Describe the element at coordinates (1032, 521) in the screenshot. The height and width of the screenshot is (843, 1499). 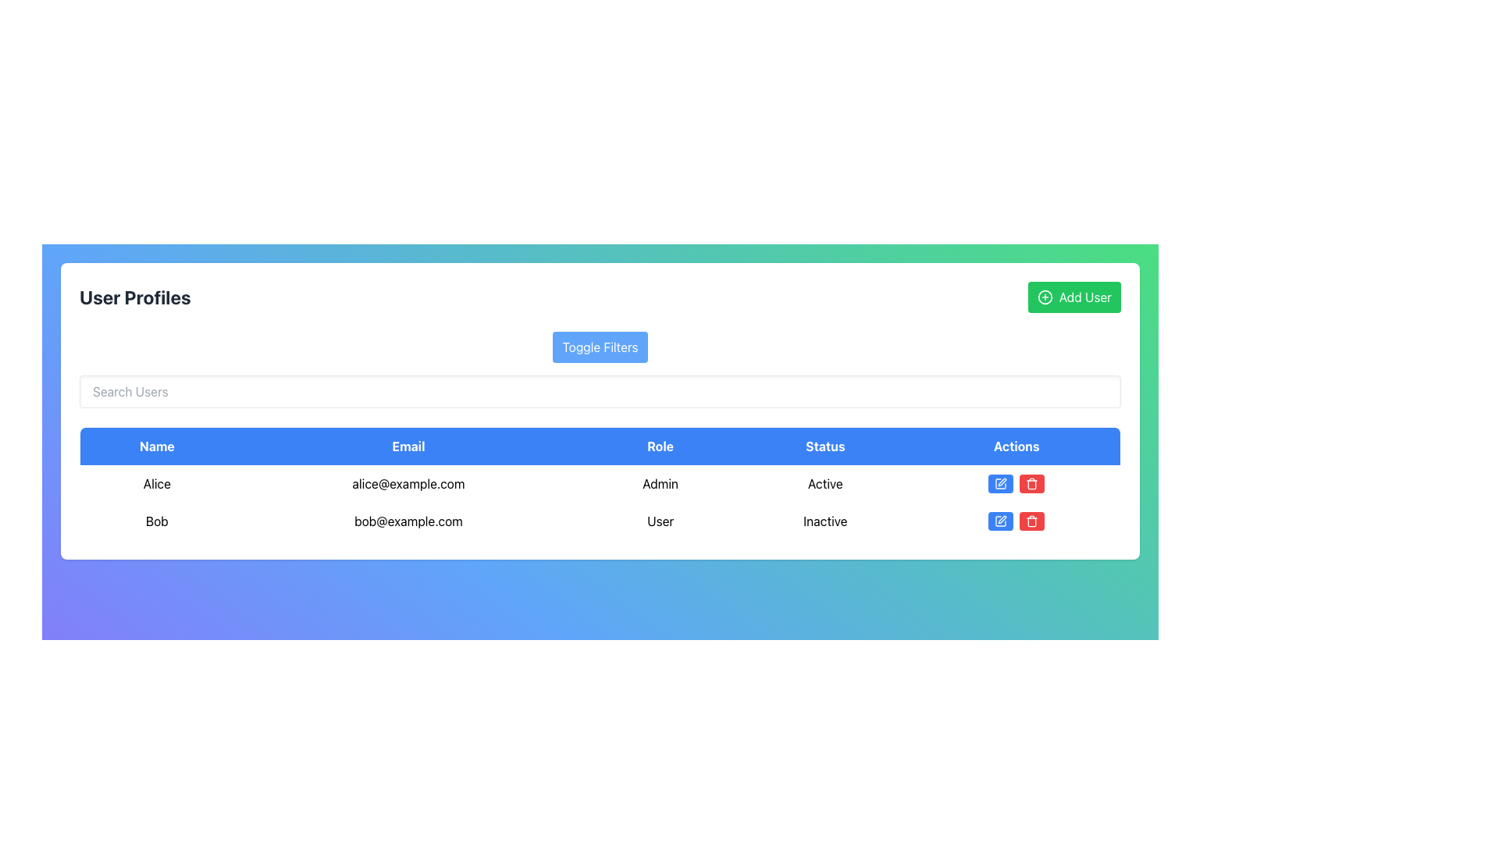
I see `the red trash can icon button in the 'Actions' column of the second row in the user list table` at that location.